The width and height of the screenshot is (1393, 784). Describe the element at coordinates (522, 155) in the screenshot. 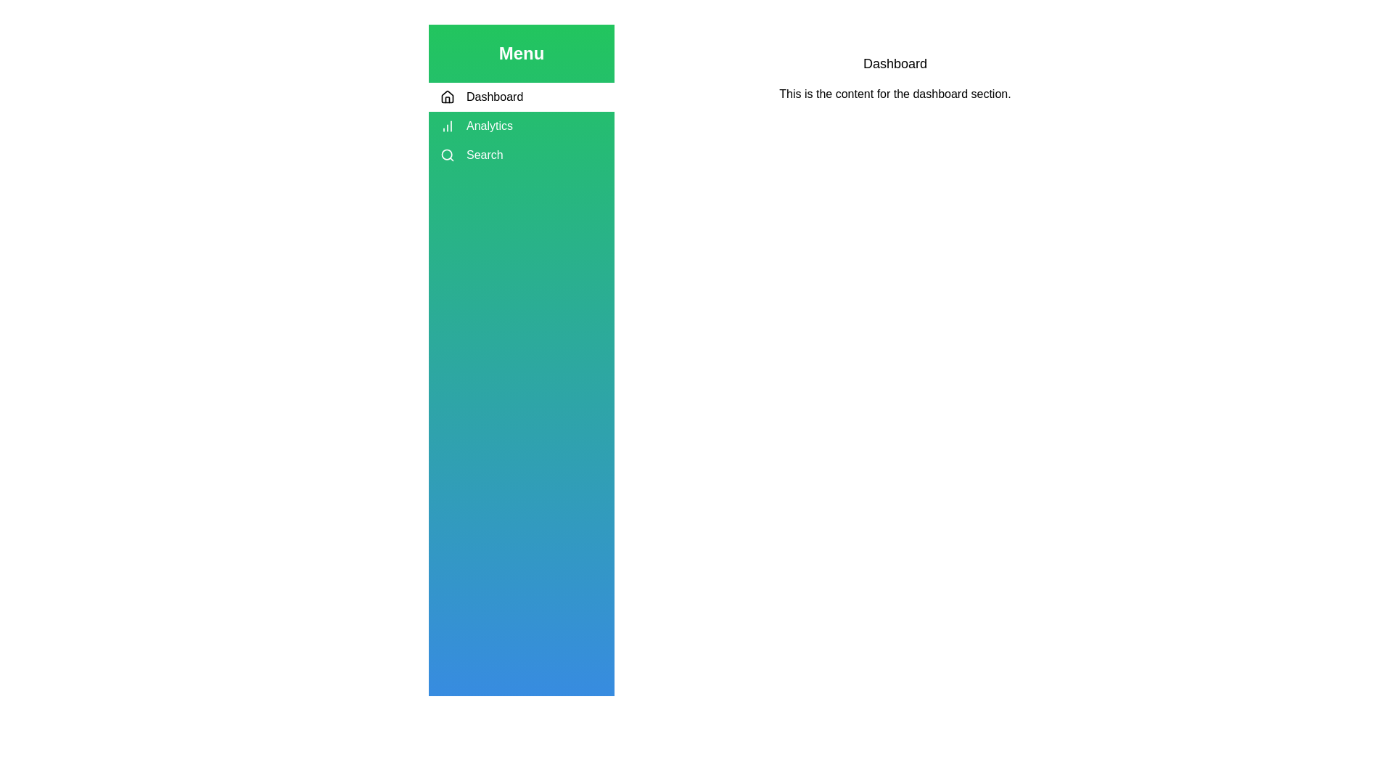

I see `the tab labeled Search to view its hover effects` at that location.